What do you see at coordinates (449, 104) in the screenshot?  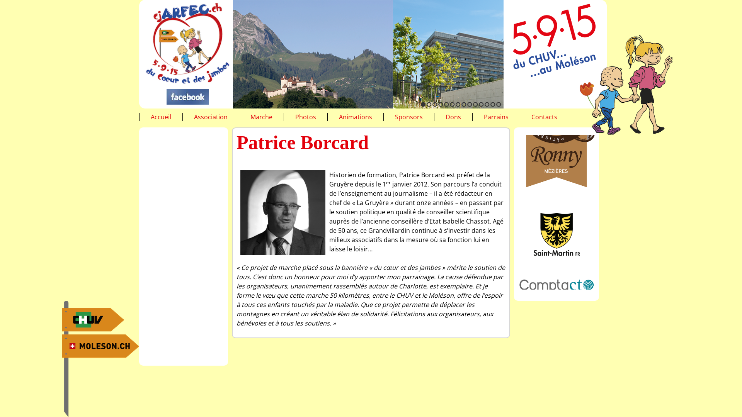 I see `'6'` at bounding box center [449, 104].